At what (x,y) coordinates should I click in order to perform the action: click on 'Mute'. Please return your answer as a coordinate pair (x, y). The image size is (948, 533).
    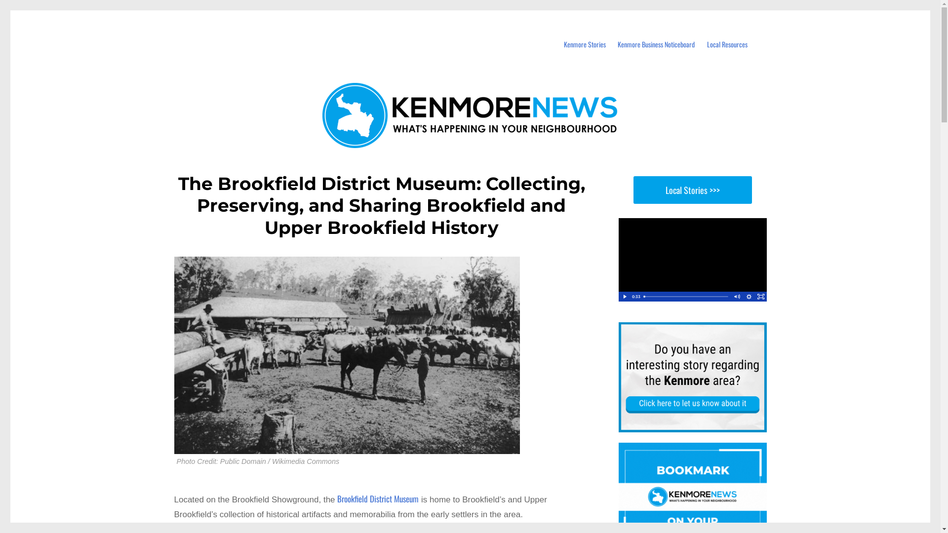
    Looking at the image, I should click on (737, 296).